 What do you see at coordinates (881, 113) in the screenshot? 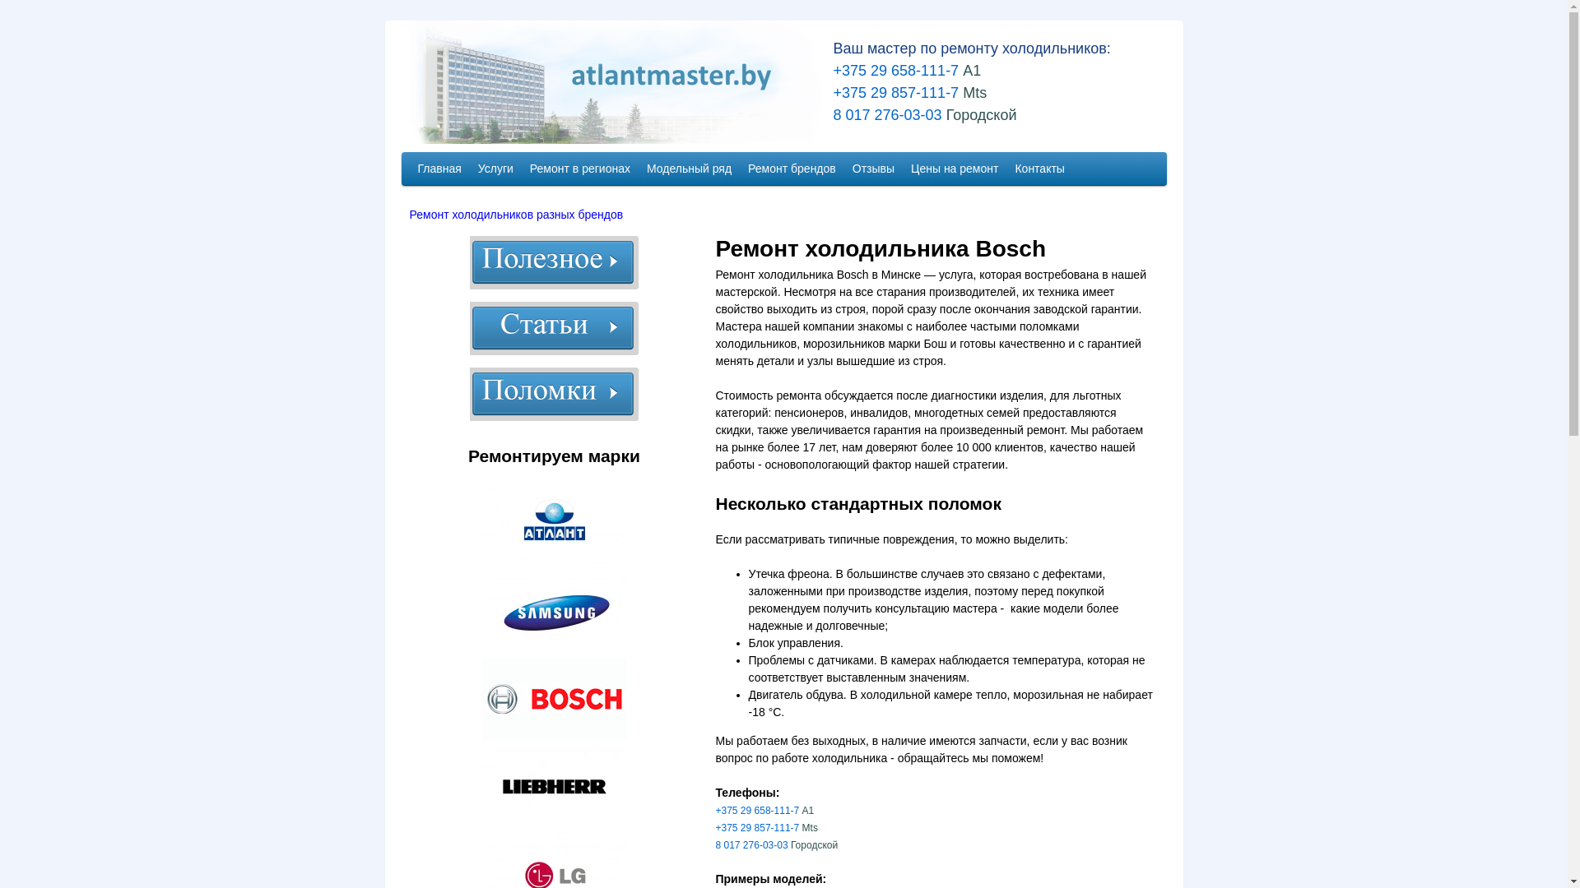
I see `'   8 017 276-03-03'` at bounding box center [881, 113].